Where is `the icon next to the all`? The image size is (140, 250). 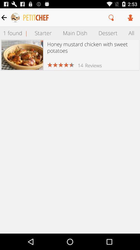
the icon next to the all is located at coordinates (108, 33).